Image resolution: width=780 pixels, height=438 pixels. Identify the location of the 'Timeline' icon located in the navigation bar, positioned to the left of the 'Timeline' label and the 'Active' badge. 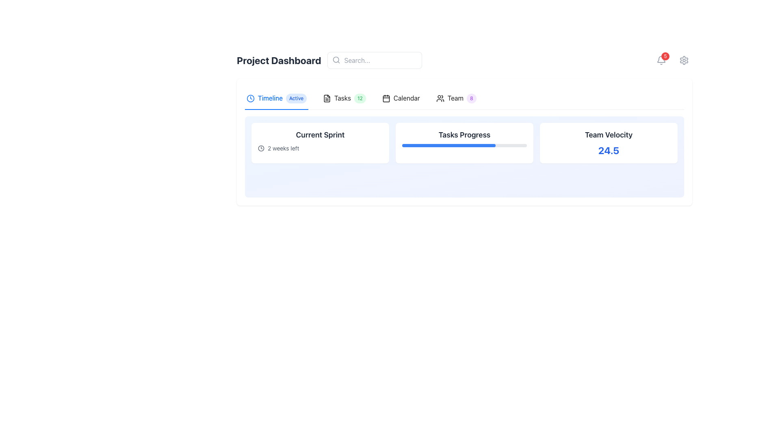
(250, 98).